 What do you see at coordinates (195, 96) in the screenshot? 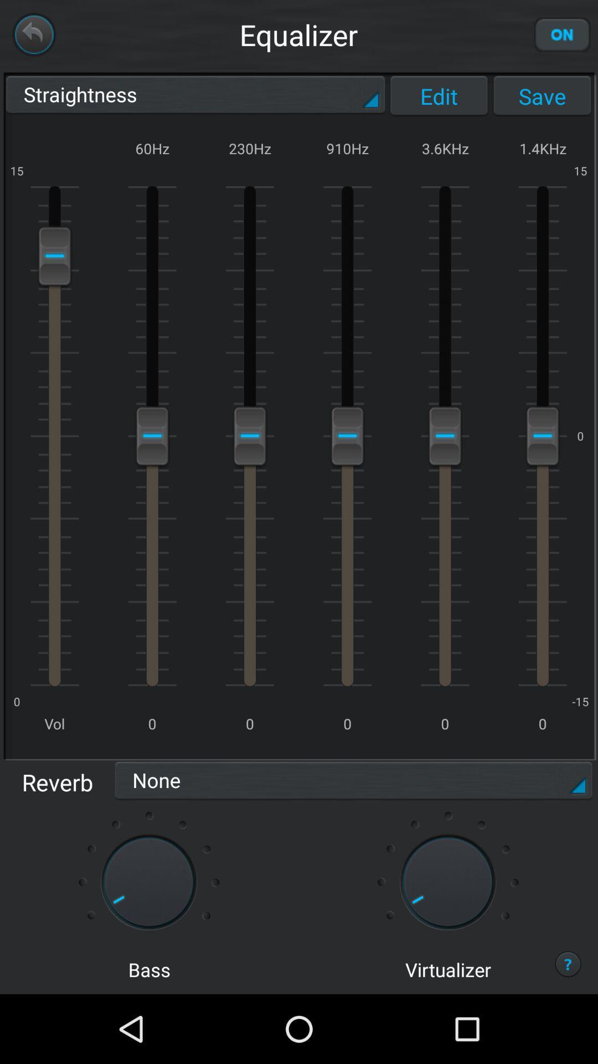
I see `straighntness which is before edit button on the page` at bounding box center [195, 96].